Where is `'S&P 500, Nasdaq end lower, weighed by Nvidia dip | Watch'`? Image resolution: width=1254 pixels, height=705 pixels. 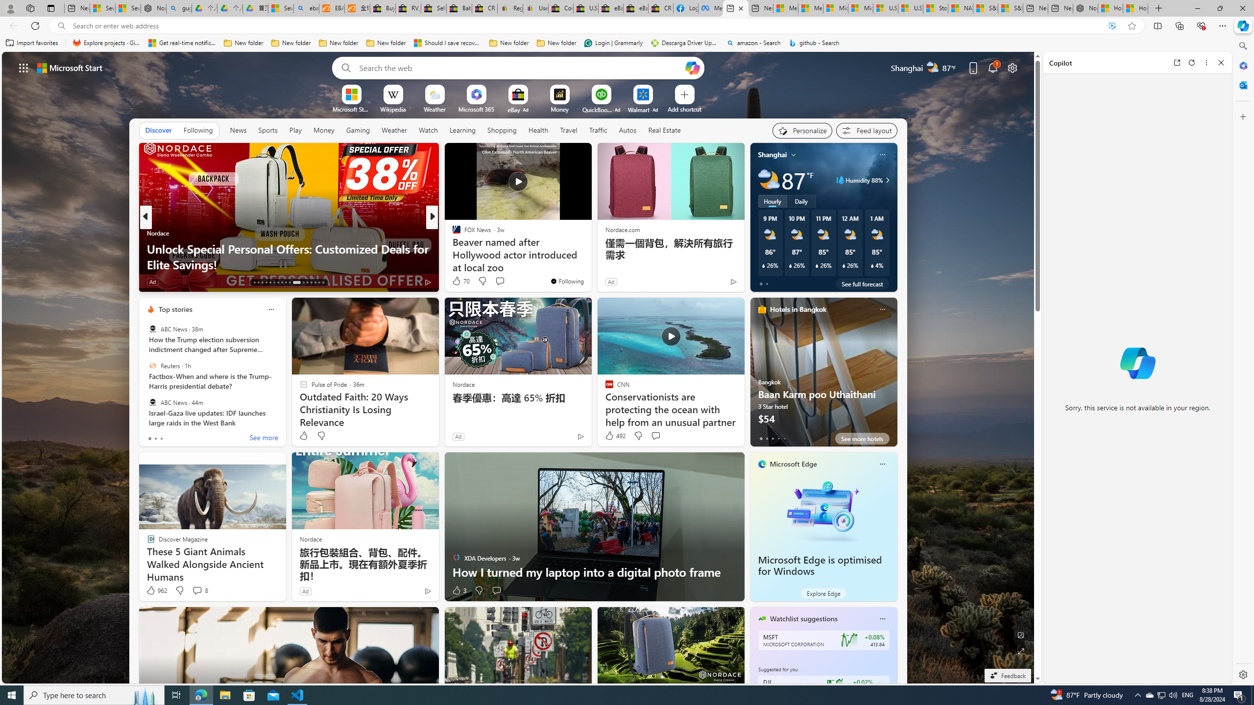
'S&P 500, Nasdaq end lower, weighed by Nvidia dip | Watch' is located at coordinates (1010, 8).